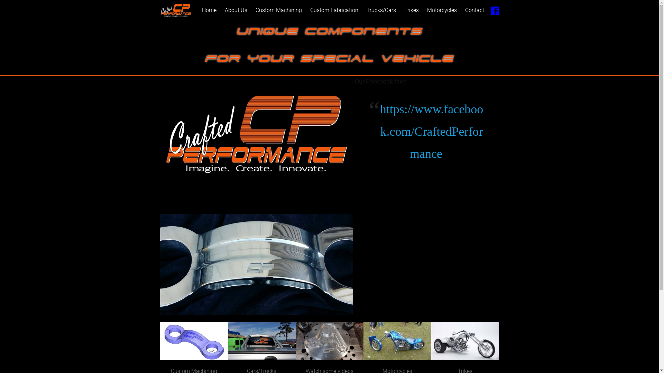  I want to click on 'Trucks/Cars', so click(363, 10).